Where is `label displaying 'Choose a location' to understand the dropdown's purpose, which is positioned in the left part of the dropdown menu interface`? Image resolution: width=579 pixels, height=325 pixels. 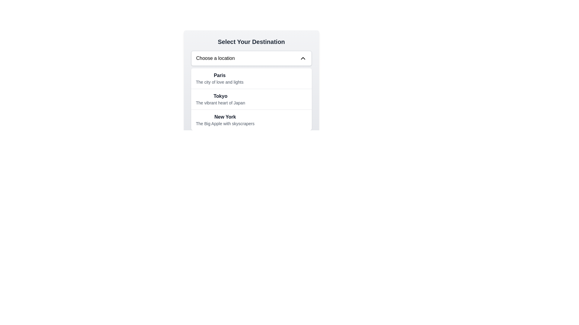
label displaying 'Choose a location' to understand the dropdown's purpose, which is positioned in the left part of the dropdown menu interface is located at coordinates (215, 58).